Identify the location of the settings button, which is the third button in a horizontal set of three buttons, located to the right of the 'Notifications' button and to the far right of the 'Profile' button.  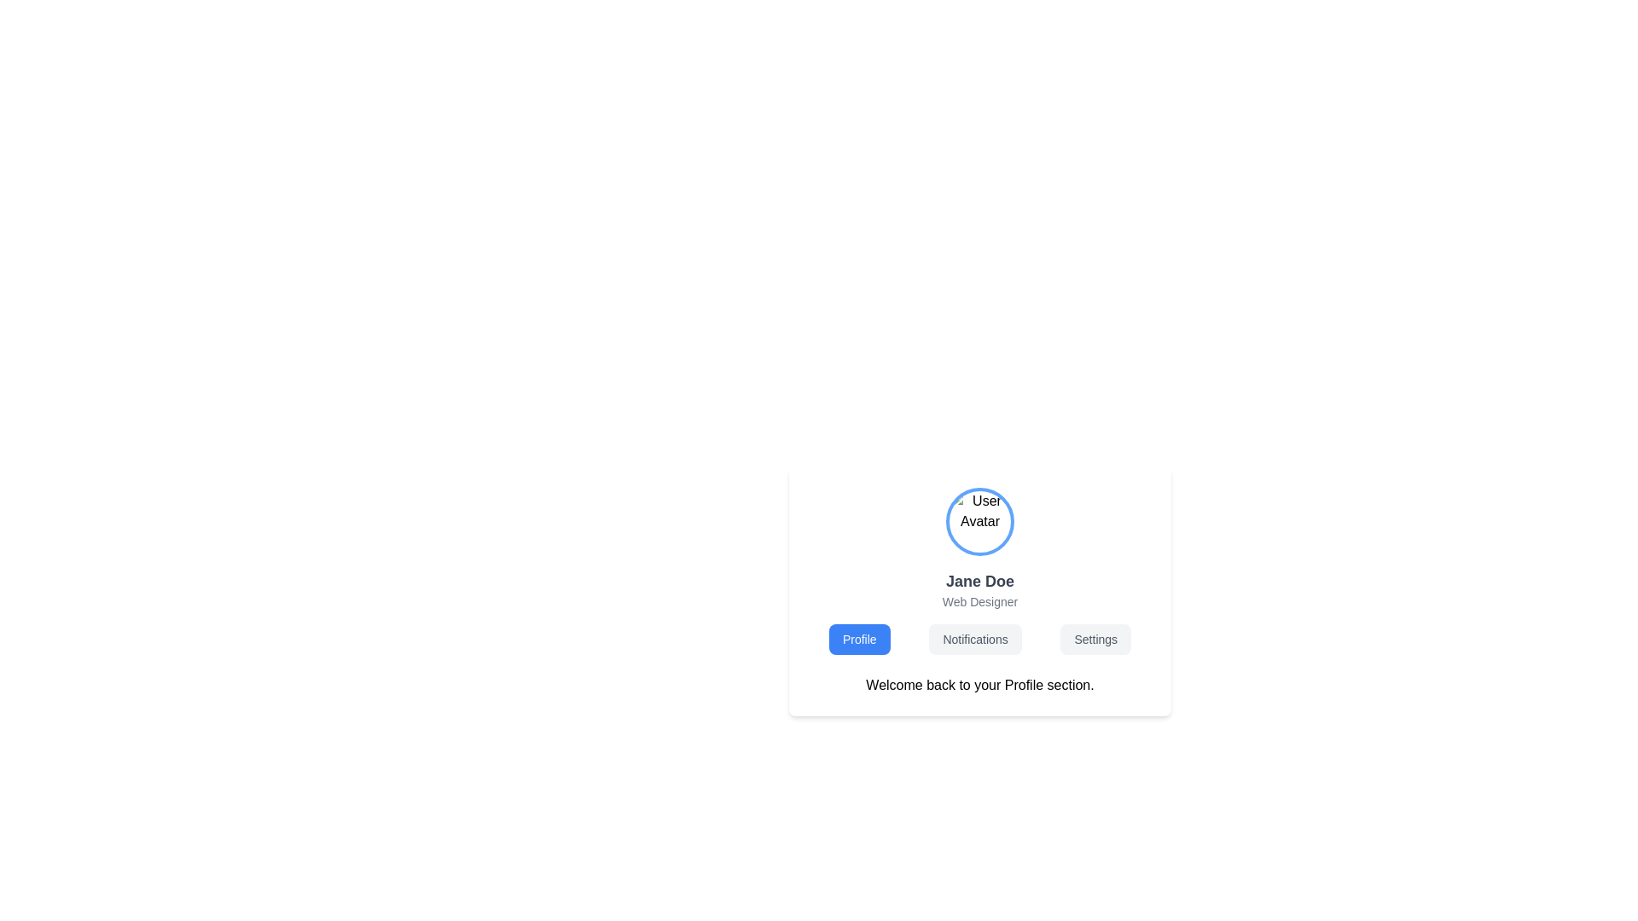
(1095, 639).